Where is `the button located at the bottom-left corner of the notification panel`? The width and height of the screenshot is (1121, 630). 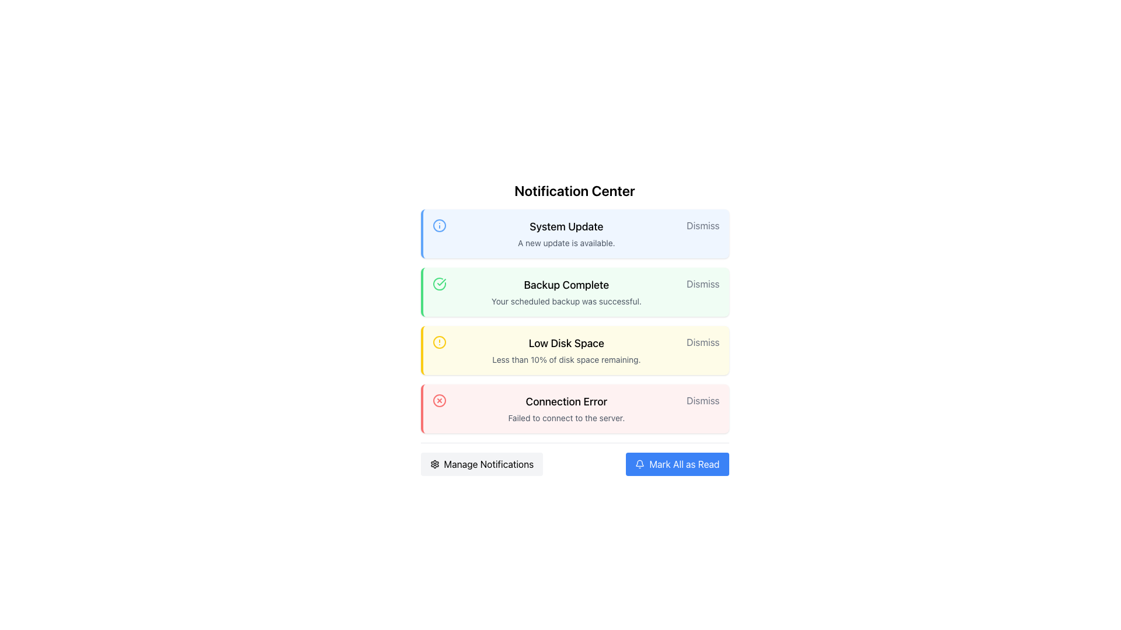 the button located at the bottom-left corner of the notification panel is located at coordinates (482, 463).